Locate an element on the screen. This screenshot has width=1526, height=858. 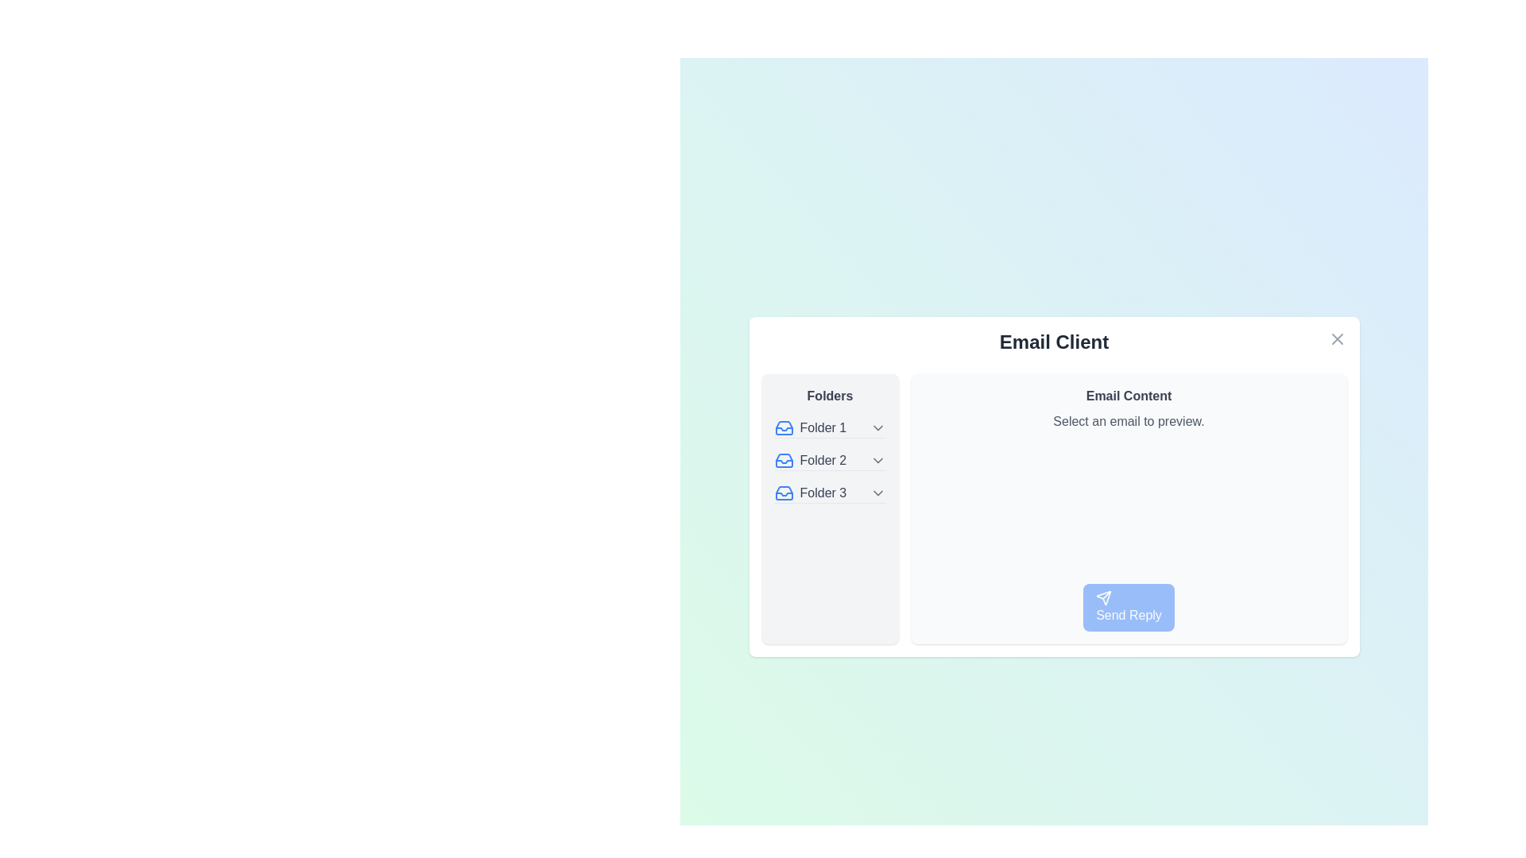
the inbox icon associated with 'Folder 3' located in the left panel of the interface is located at coordinates (784, 493).